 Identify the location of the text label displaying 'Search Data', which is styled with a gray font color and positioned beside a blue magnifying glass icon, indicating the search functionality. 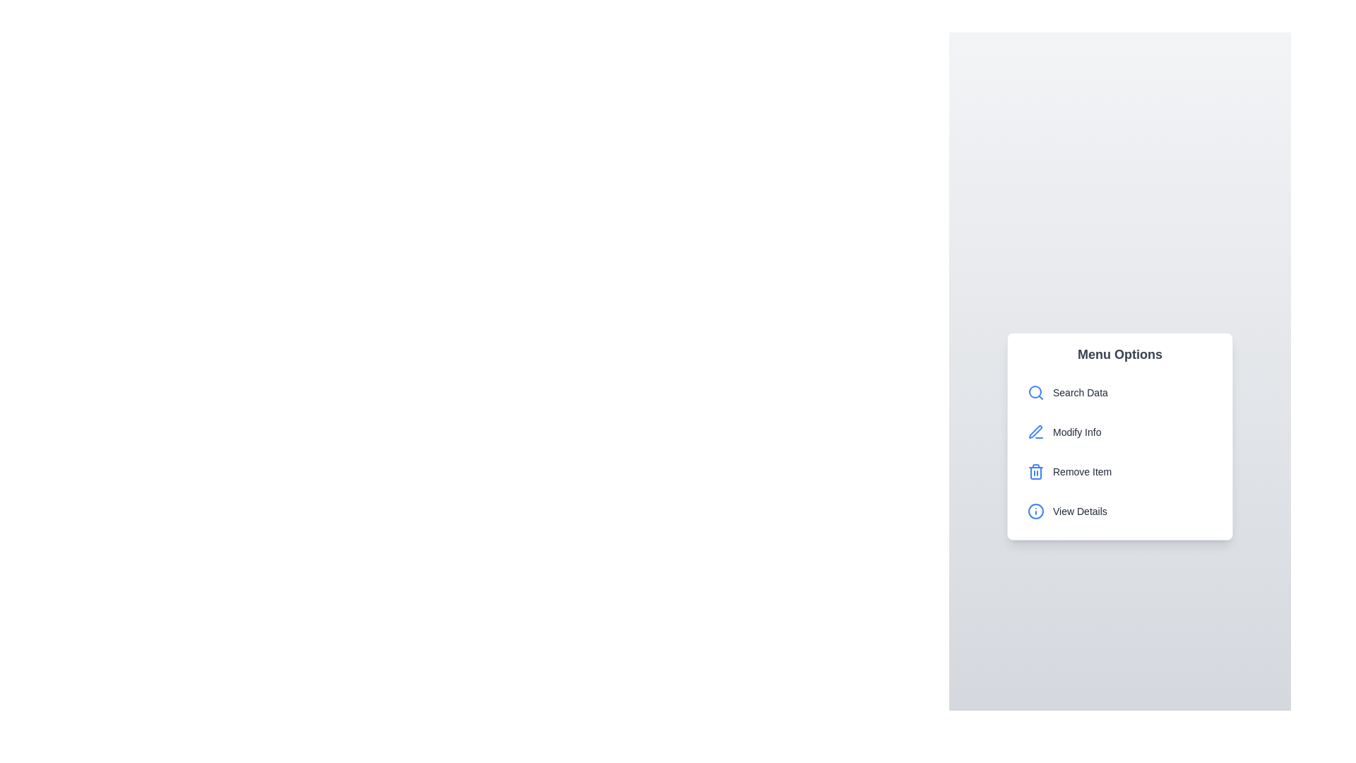
(1079, 392).